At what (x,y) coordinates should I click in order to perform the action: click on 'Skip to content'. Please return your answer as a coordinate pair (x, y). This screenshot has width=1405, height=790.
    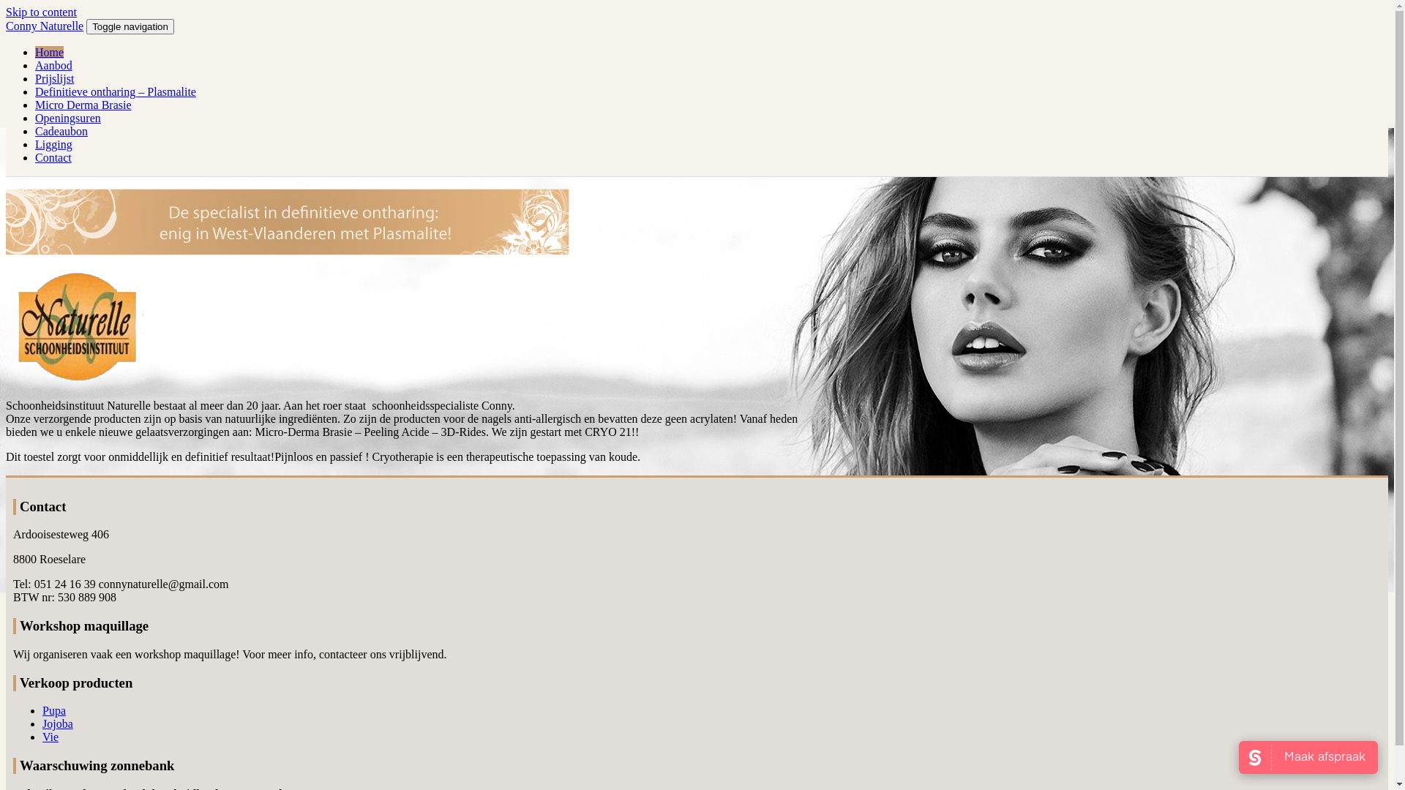
    Looking at the image, I should click on (41, 12).